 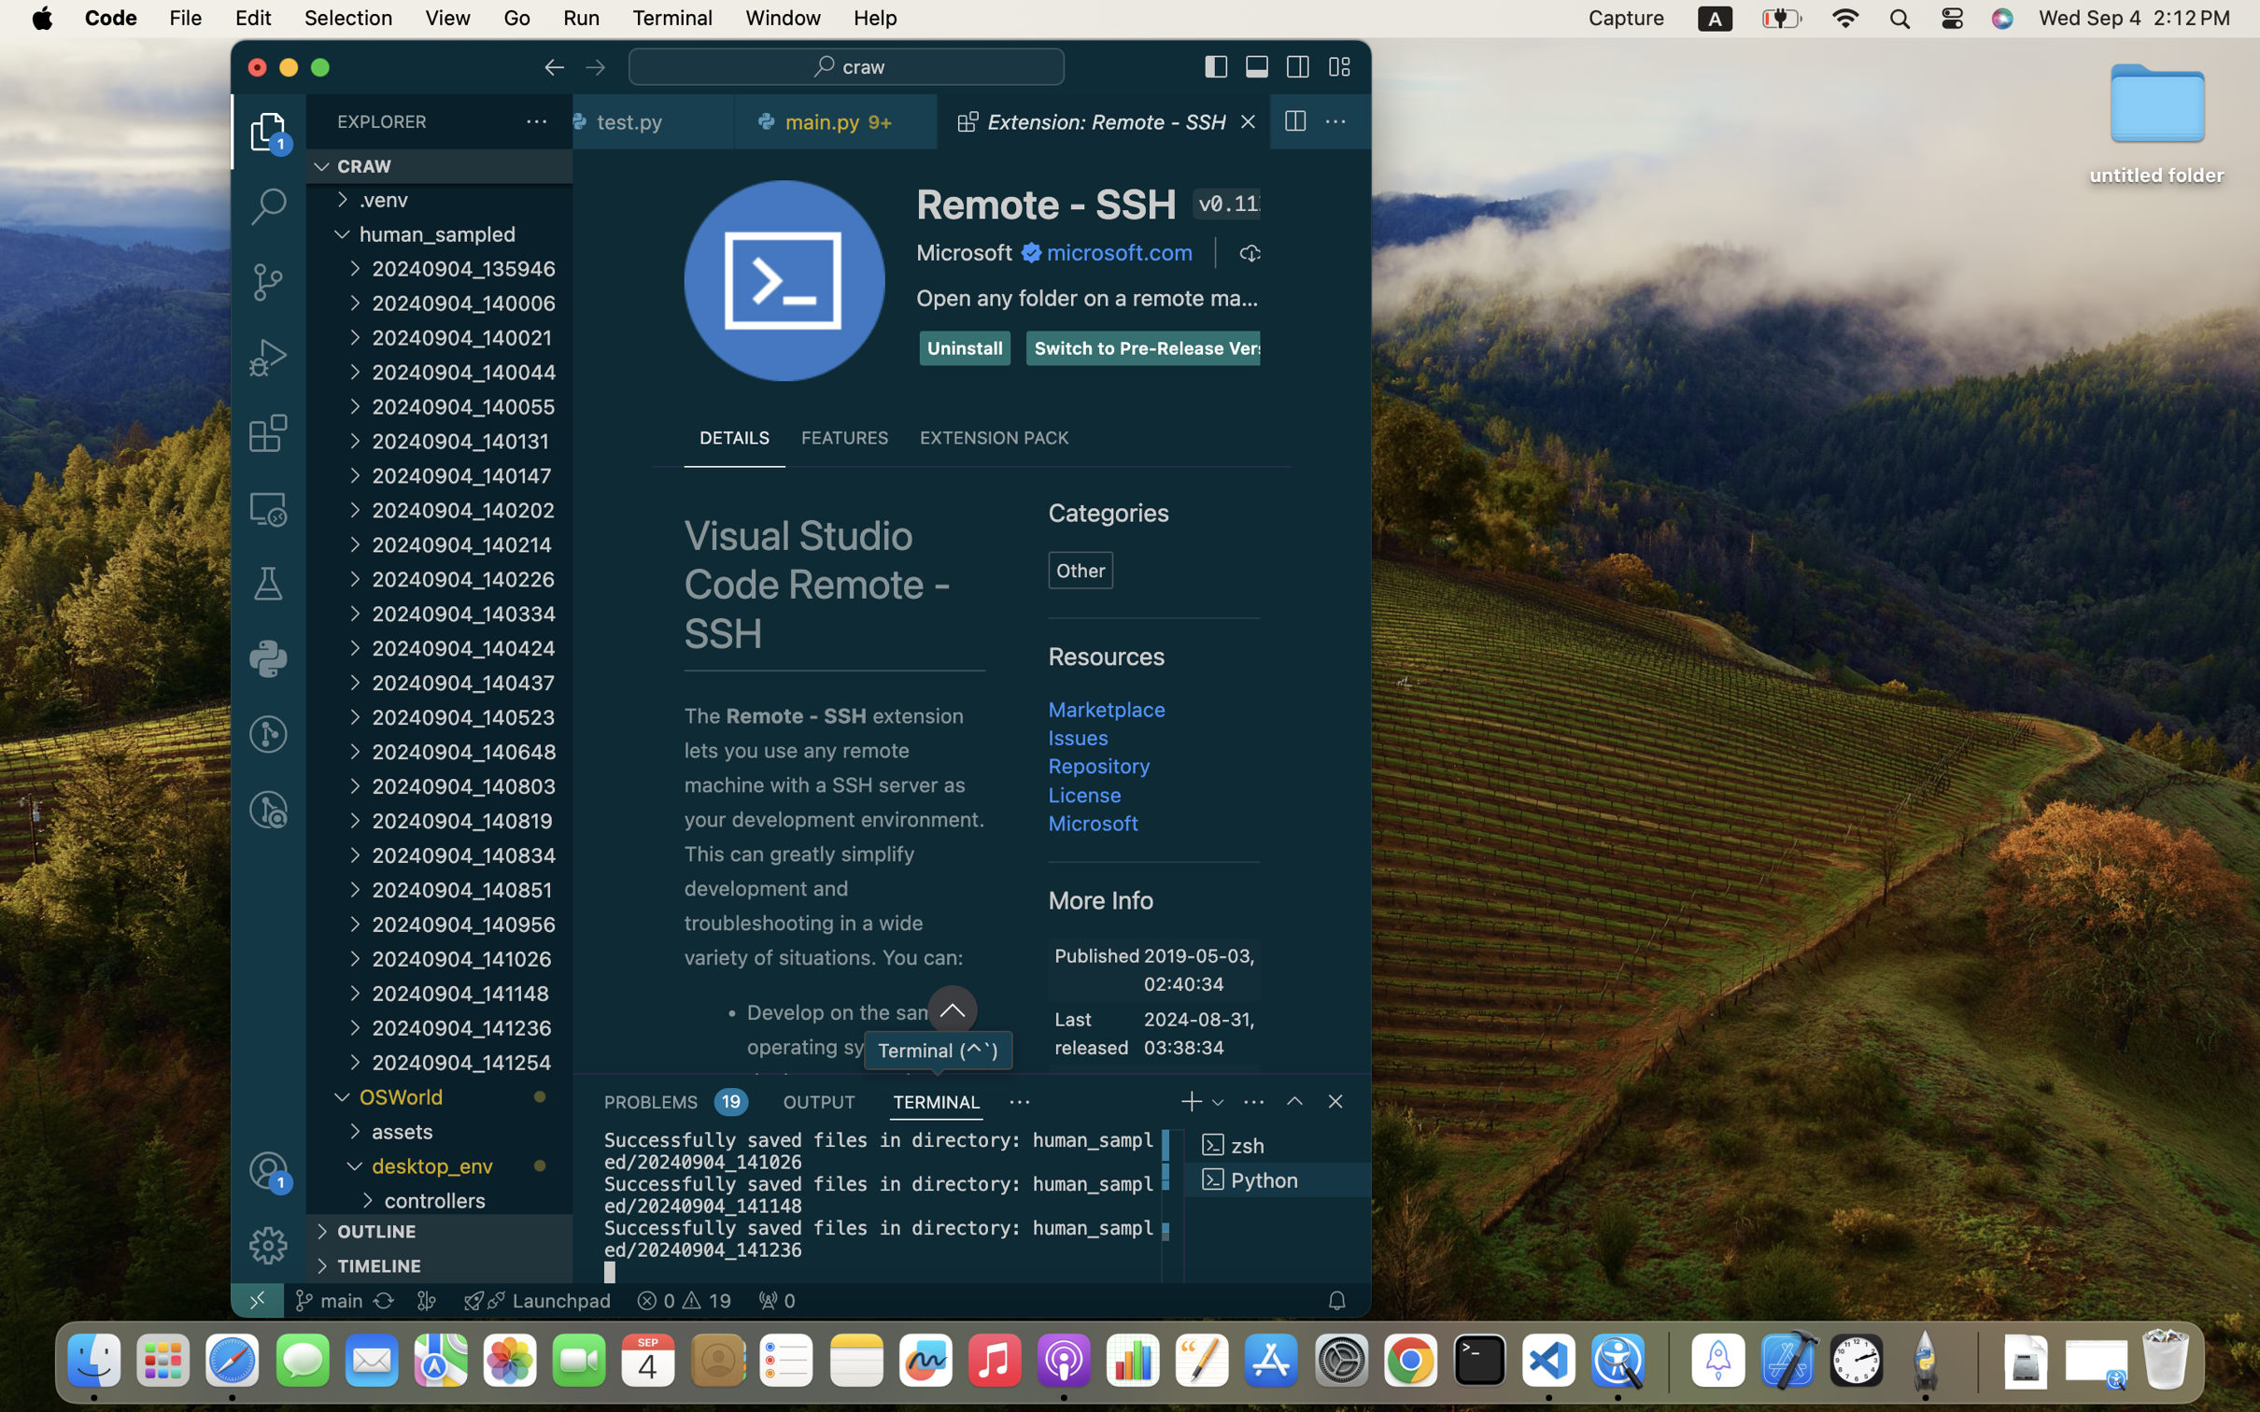 What do you see at coordinates (1103, 120) in the screenshot?
I see `'1 Extension: Remote - SSH  '` at bounding box center [1103, 120].